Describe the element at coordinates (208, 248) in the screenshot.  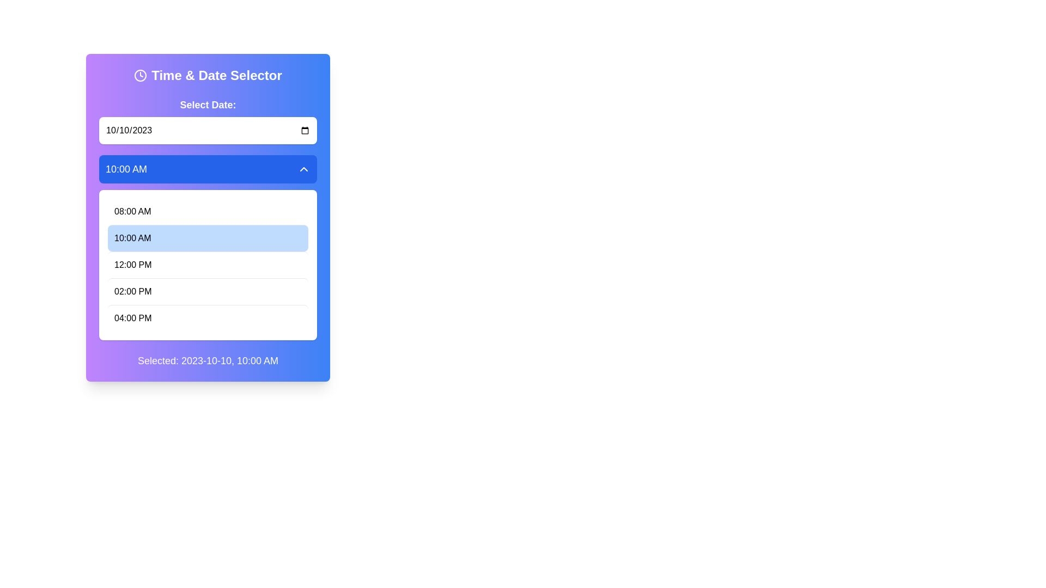
I see `the '10:00 AM' dropdown menu item with a light blue background` at that location.